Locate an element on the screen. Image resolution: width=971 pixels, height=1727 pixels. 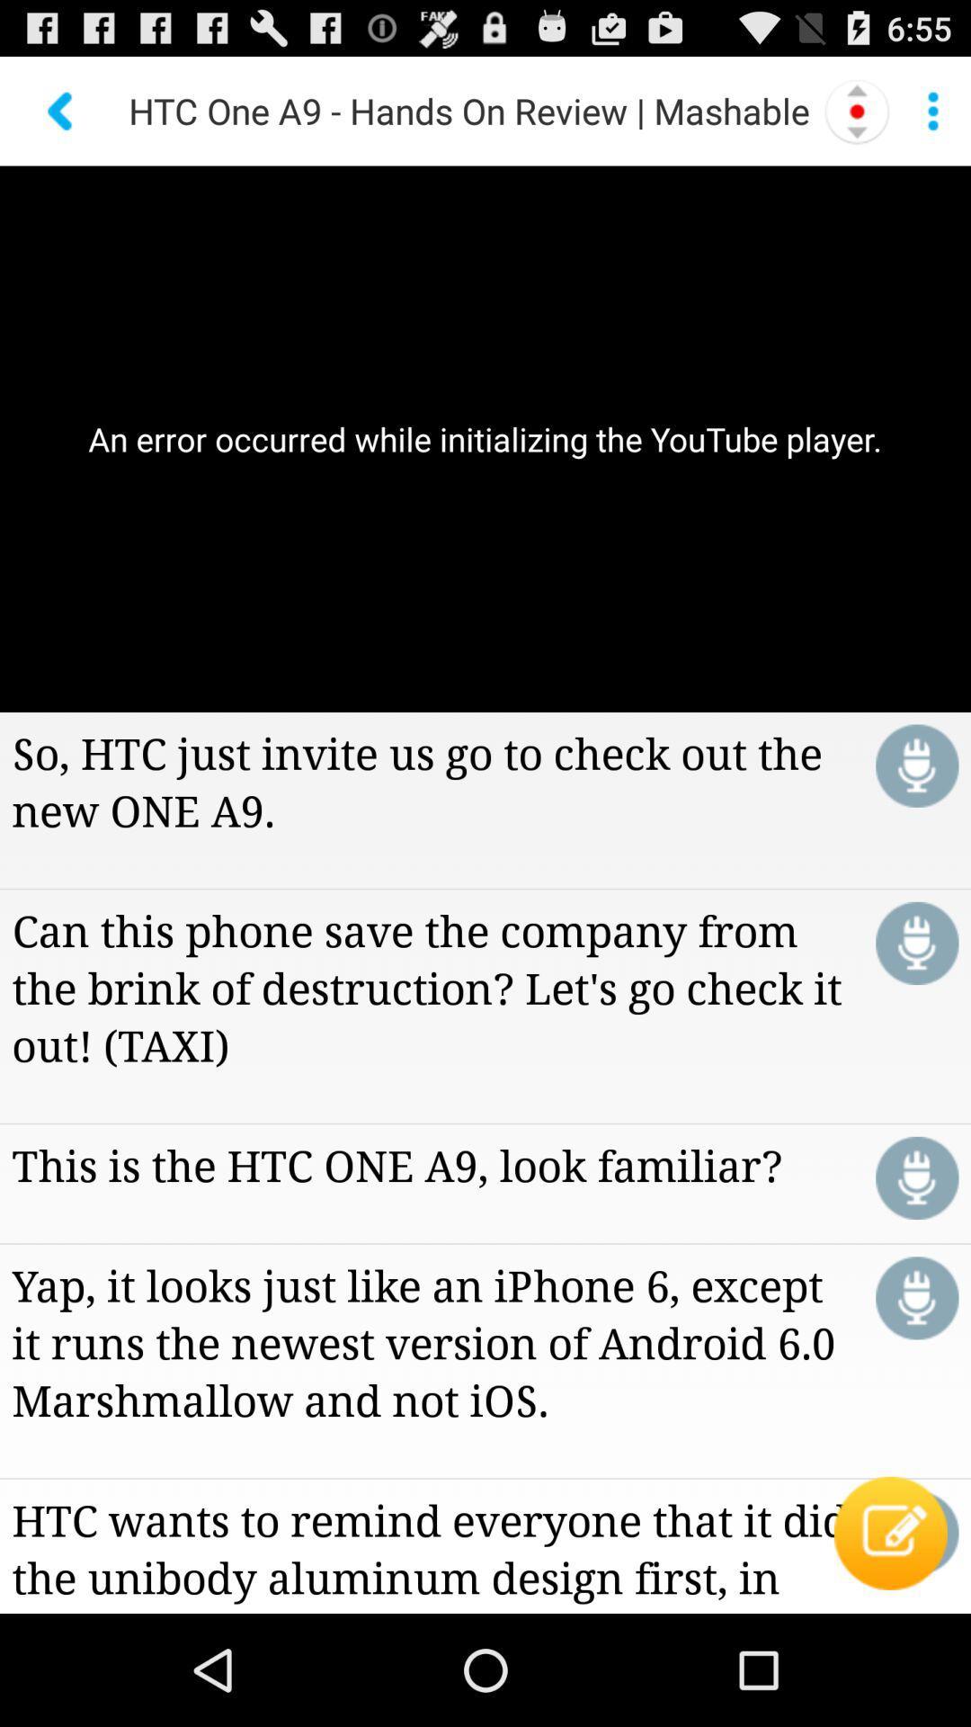
the icon below the yap it looks app is located at coordinates (890, 1532).